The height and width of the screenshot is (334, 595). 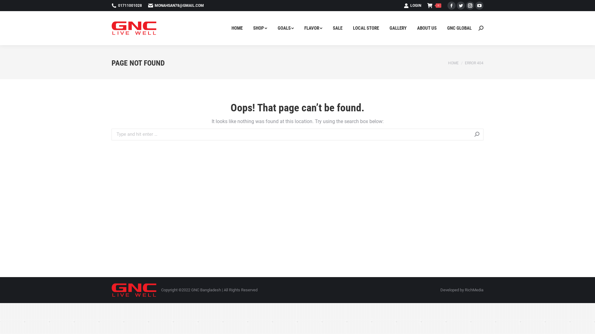 What do you see at coordinates (470, 6) in the screenshot?
I see `'Instagram page opens in new window'` at bounding box center [470, 6].